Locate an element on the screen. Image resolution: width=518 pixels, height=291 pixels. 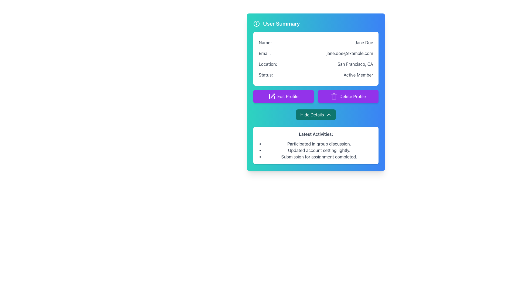
bulleted list items located beneath the heading 'Latest Activities:' with three items: 'Participated in group discussion.', 'Updated account setting lightly.', and 'Submission for assignment completed.' is located at coordinates (316, 150).